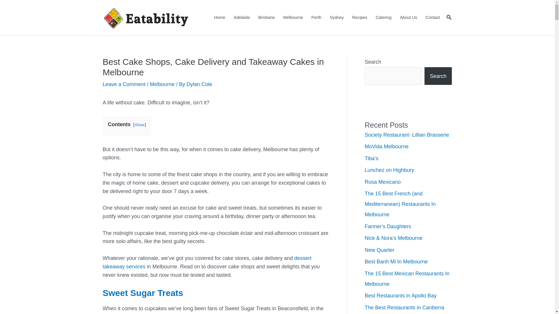 This screenshot has width=559, height=314. Describe the element at coordinates (406, 135) in the screenshot. I see `'Society Restaurant- Lillian Brasserie'` at that location.